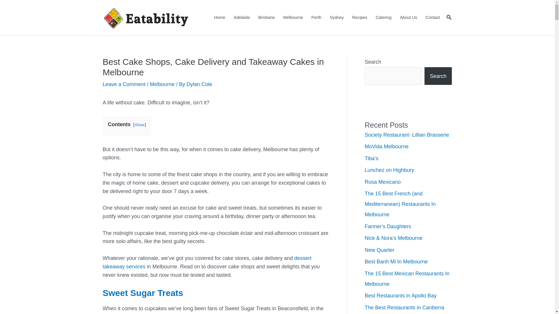 This screenshot has width=559, height=314. Describe the element at coordinates (406, 135) in the screenshot. I see `'Society Restaurant- Lillian Brasserie'` at that location.